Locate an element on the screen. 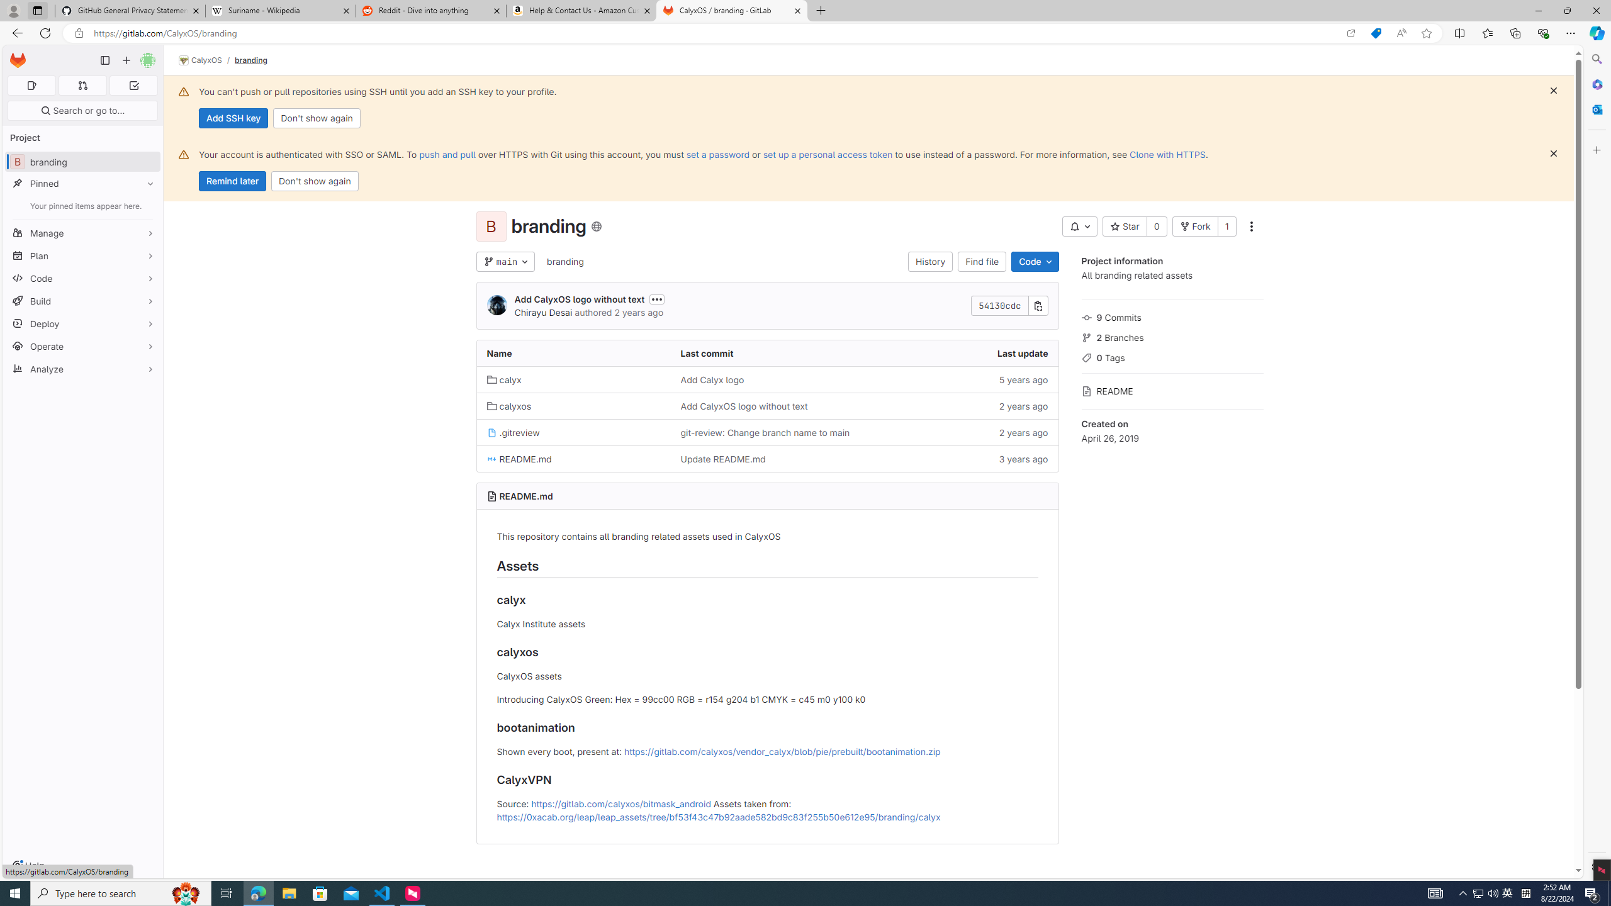  '0 Tags' is located at coordinates (1172, 356).